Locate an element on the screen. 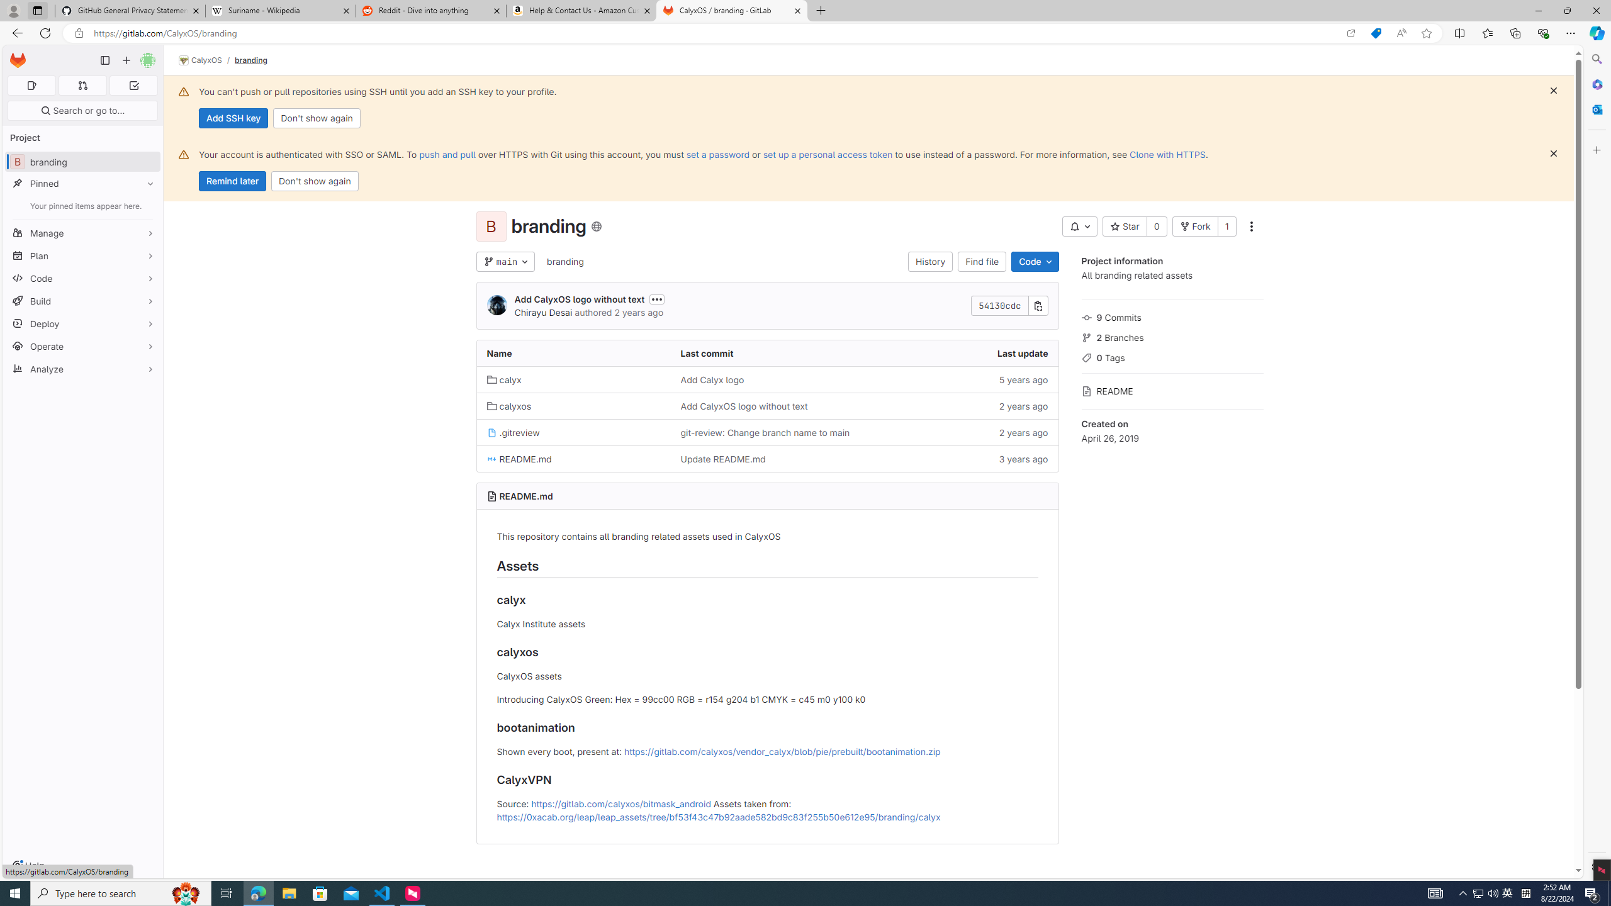  '0 Tags' is located at coordinates (1172, 356).